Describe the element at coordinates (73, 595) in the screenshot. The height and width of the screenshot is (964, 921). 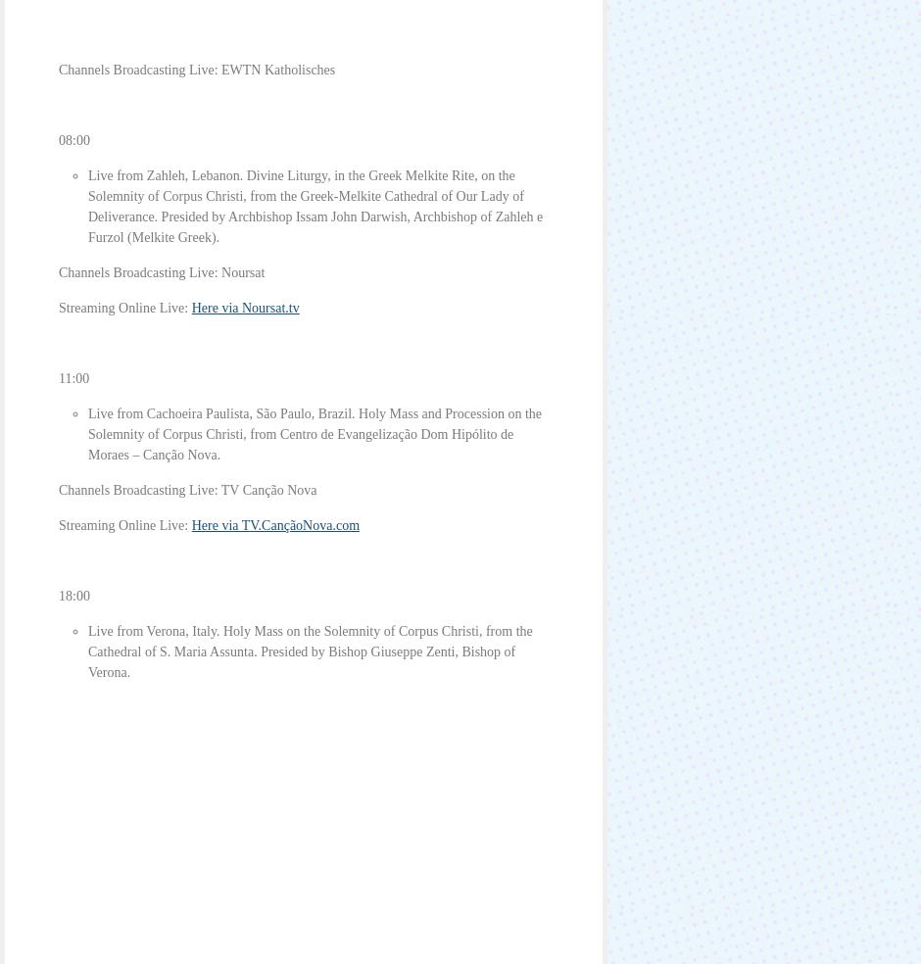
I see `'18:00'` at that location.